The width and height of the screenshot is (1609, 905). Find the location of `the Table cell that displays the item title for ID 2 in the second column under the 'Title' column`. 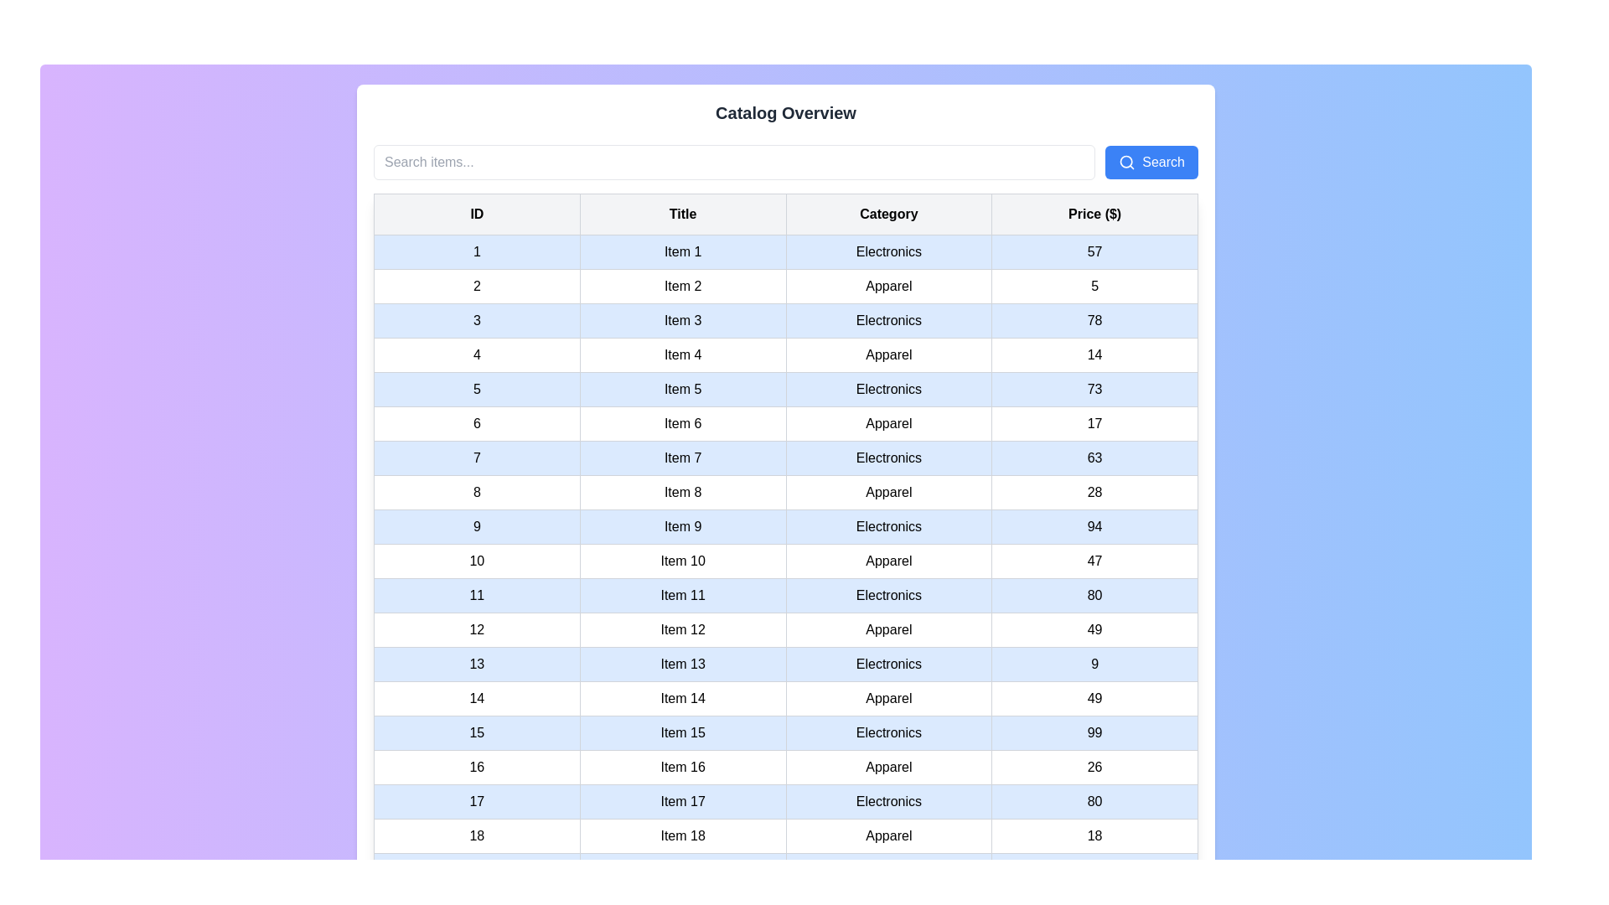

the Table cell that displays the item title for ID 2 in the second column under the 'Title' column is located at coordinates (683, 286).